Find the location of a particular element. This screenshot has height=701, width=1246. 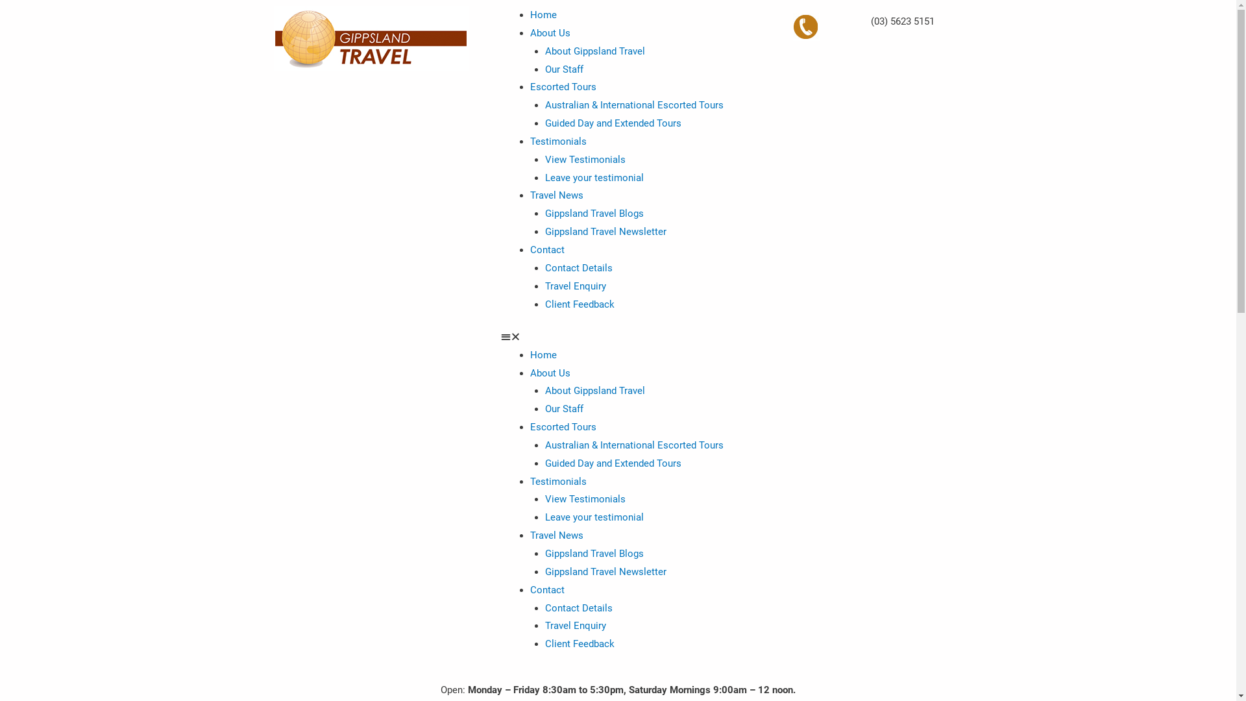

'Travel Enquiry' is located at coordinates (575, 625).